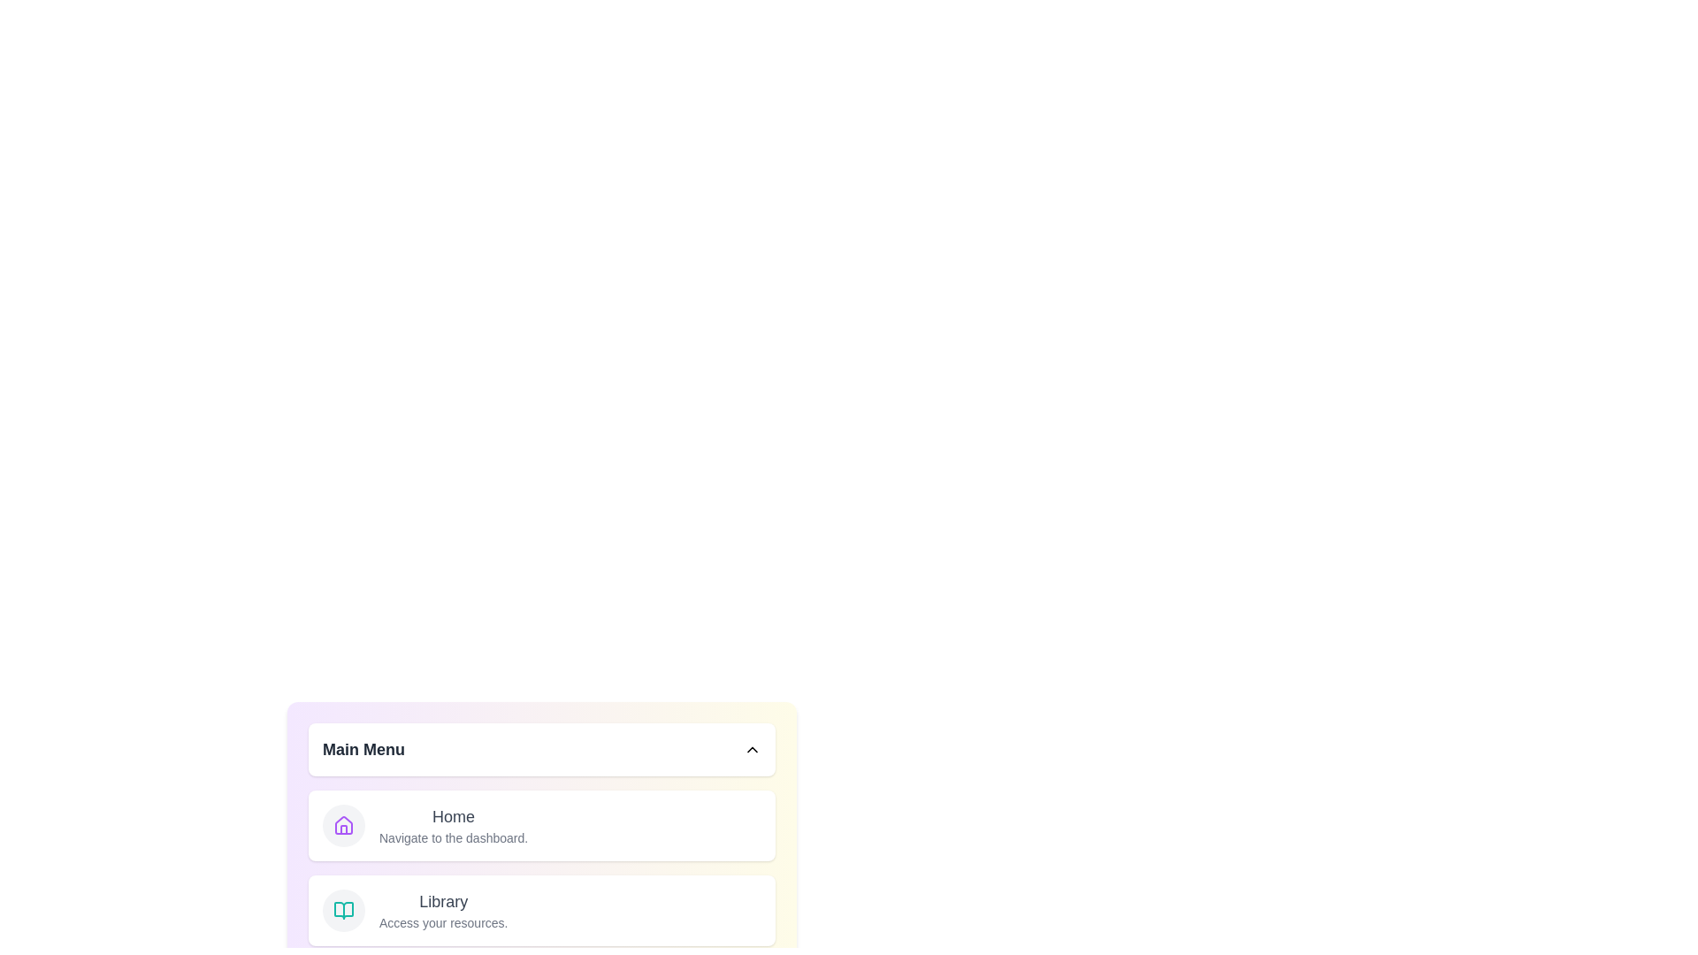  What do you see at coordinates (343, 910) in the screenshot?
I see `the menu item labeled Library` at bounding box center [343, 910].